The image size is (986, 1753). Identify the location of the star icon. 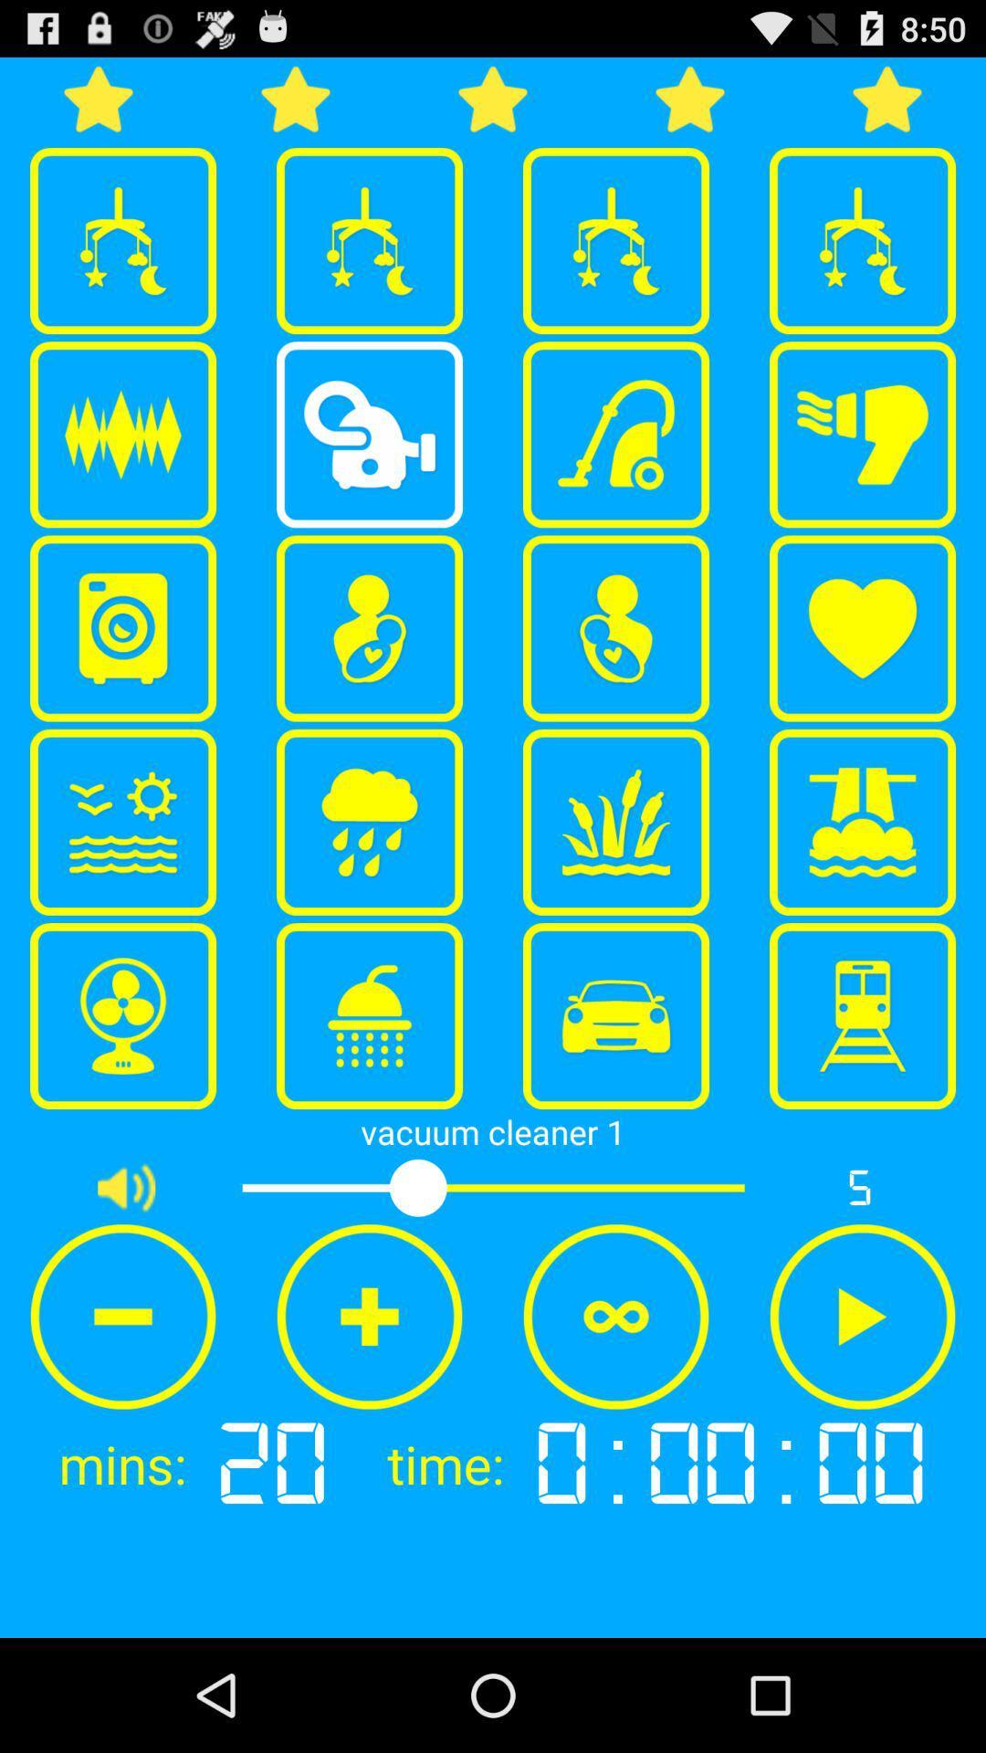
(690, 105).